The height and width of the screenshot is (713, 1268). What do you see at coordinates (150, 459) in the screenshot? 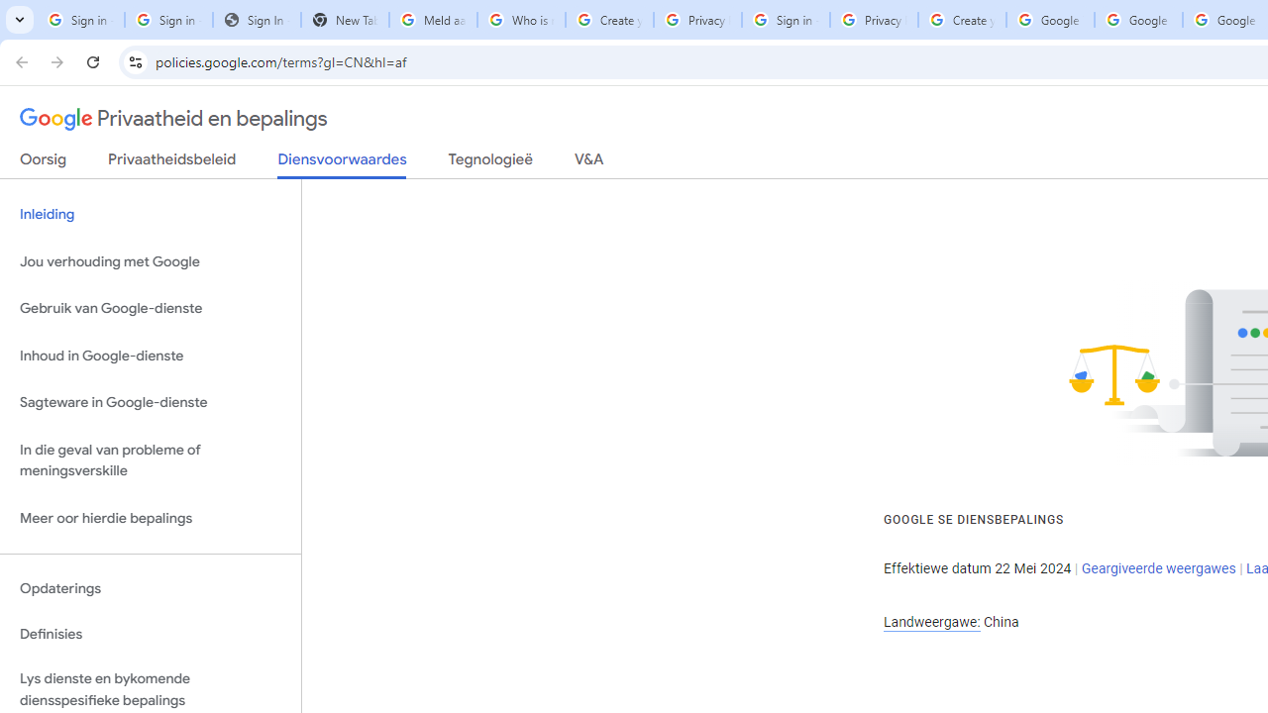
I see `'In die geval van probleme of meningsverskille'` at bounding box center [150, 459].